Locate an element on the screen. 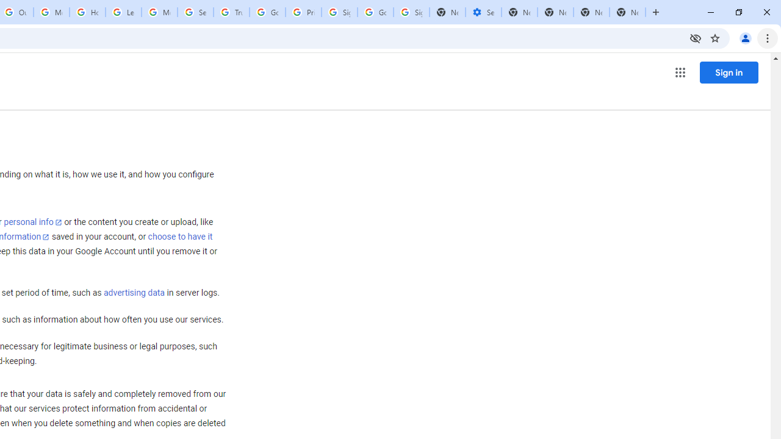  'advertising data' is located at coordinates (134, 293).